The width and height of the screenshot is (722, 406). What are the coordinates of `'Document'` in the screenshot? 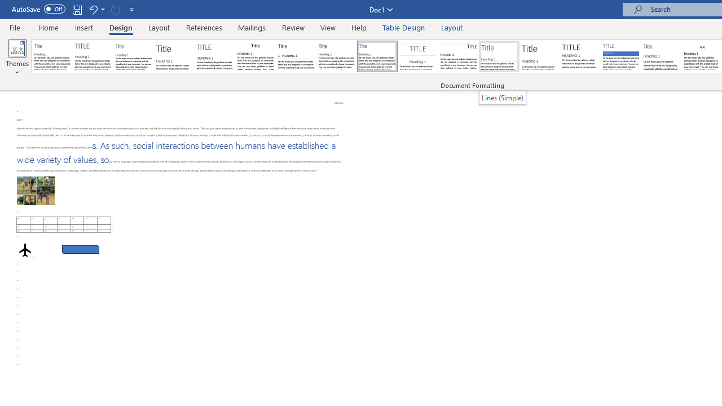 It's located at (52, 56).